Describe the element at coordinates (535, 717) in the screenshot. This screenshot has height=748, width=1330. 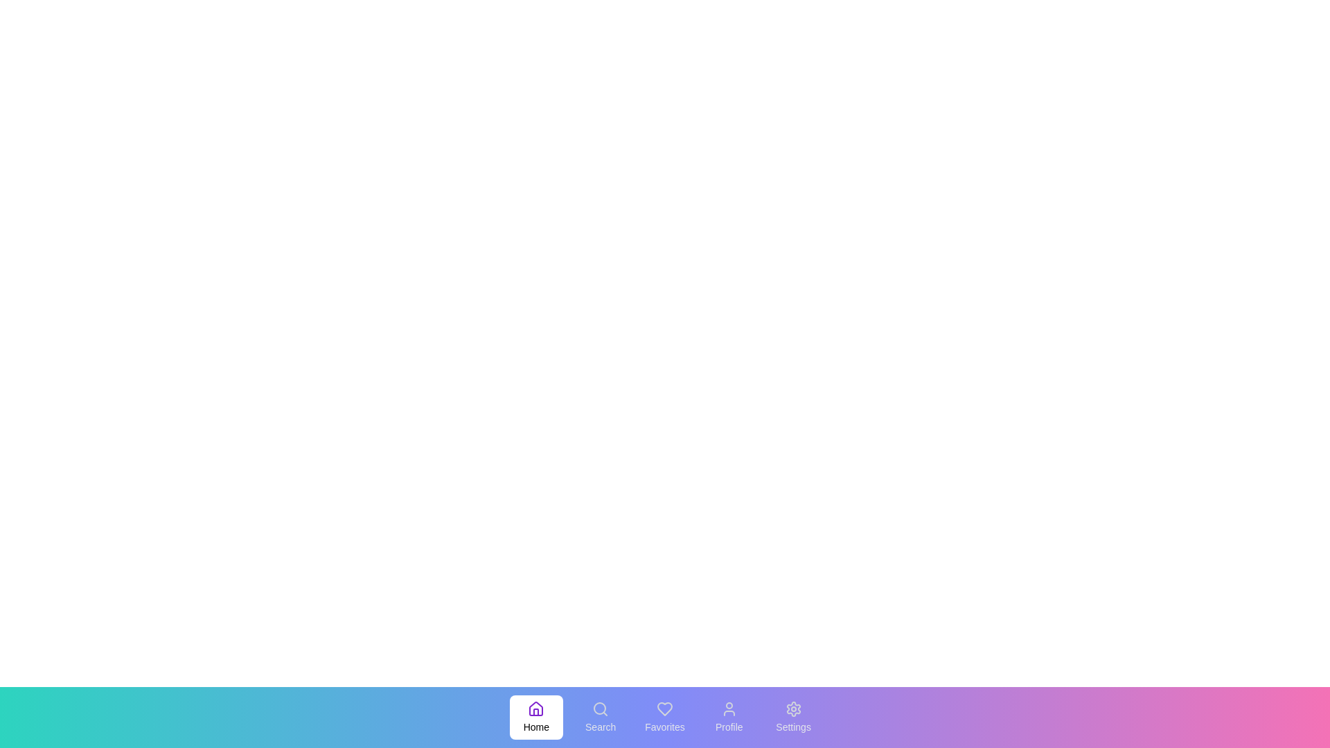
I see `the menu item labeled Home` at that location.